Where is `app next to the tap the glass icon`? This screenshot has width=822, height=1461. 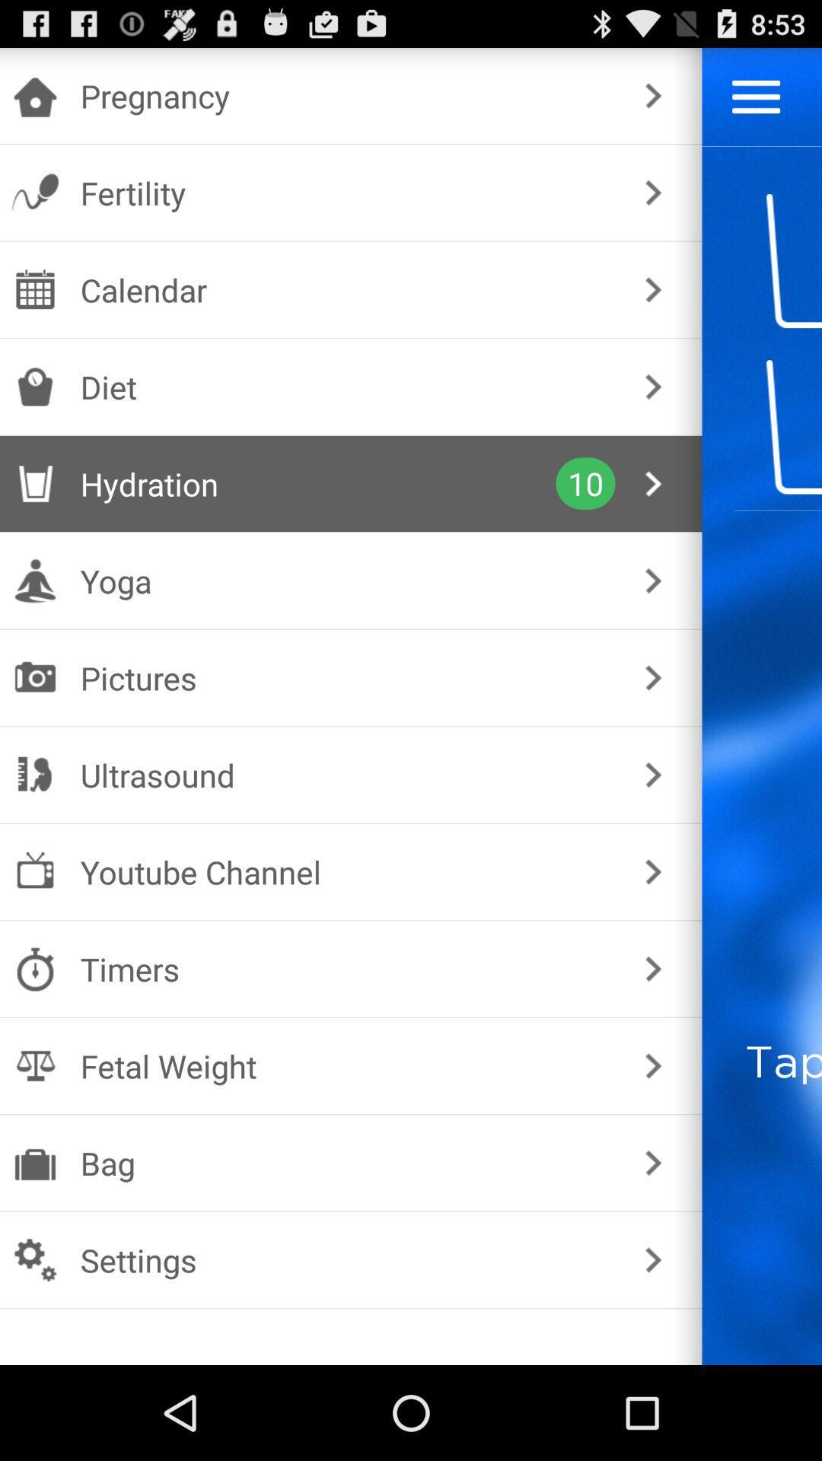
app next to the tap the glass icon is located at coordinates (652, 1162).